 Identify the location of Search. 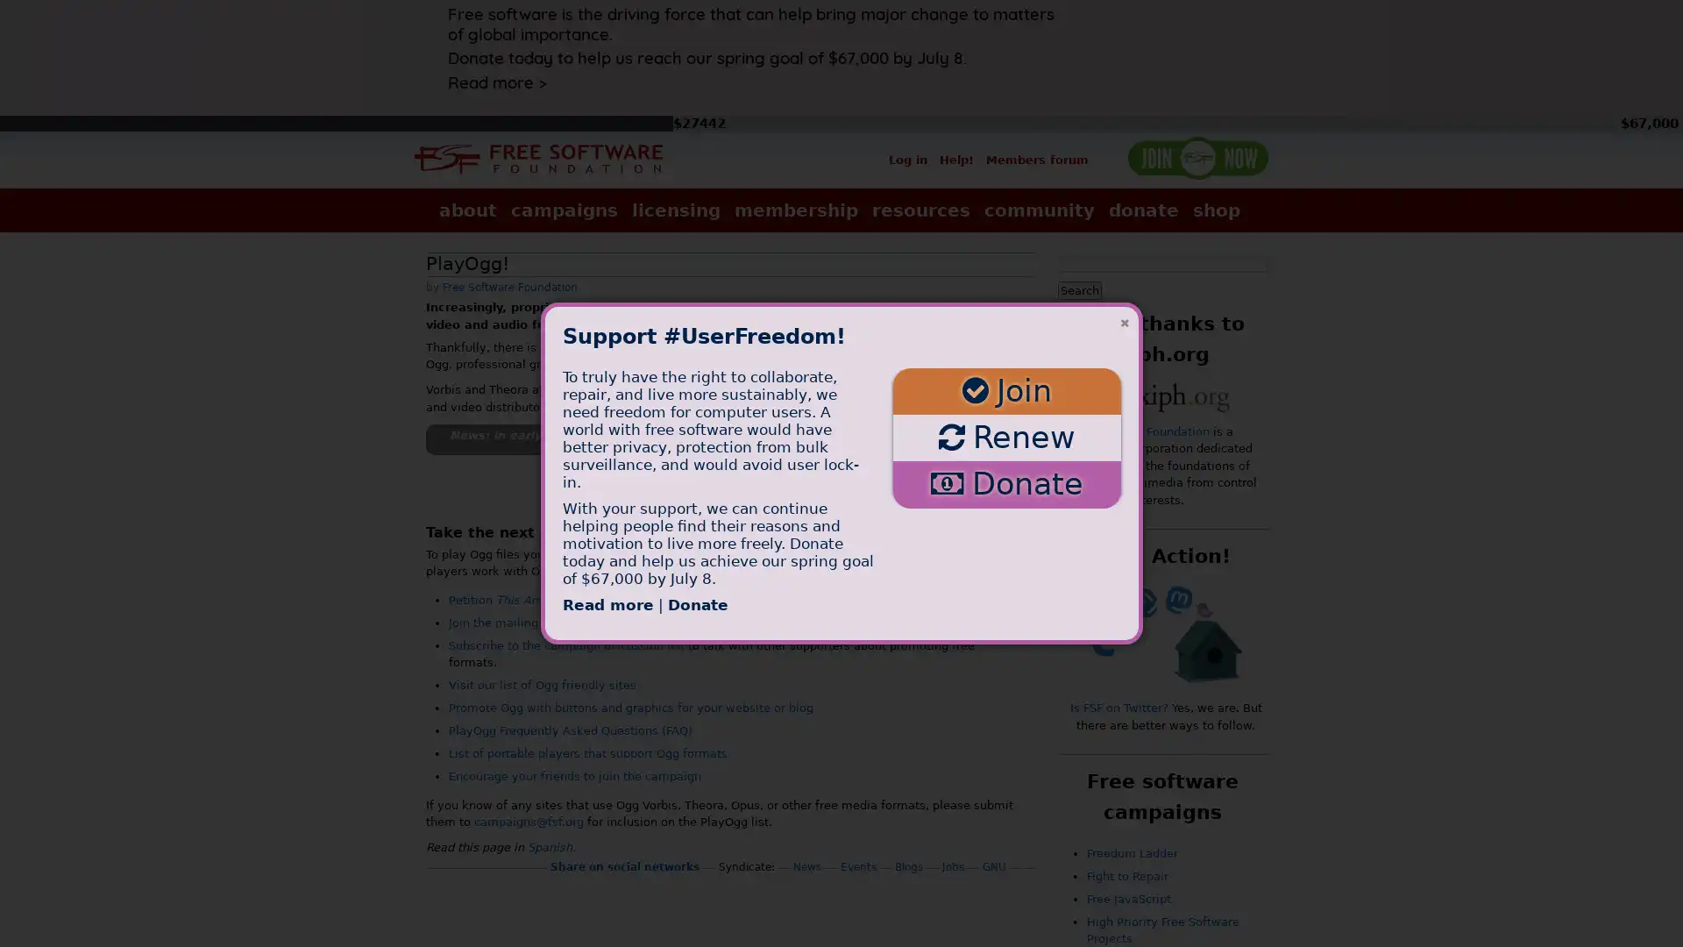
(1079, 288).